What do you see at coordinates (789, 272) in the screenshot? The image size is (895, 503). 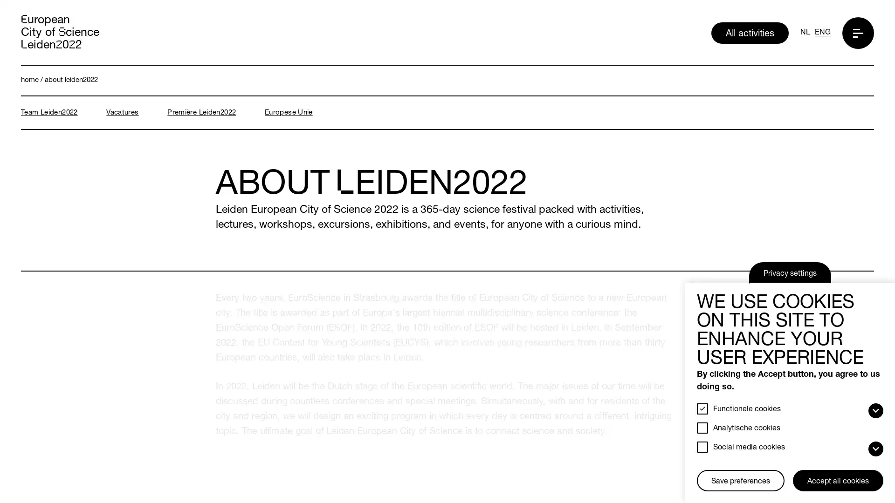 I see `Privacy settings` at bounding box center [789, 272].